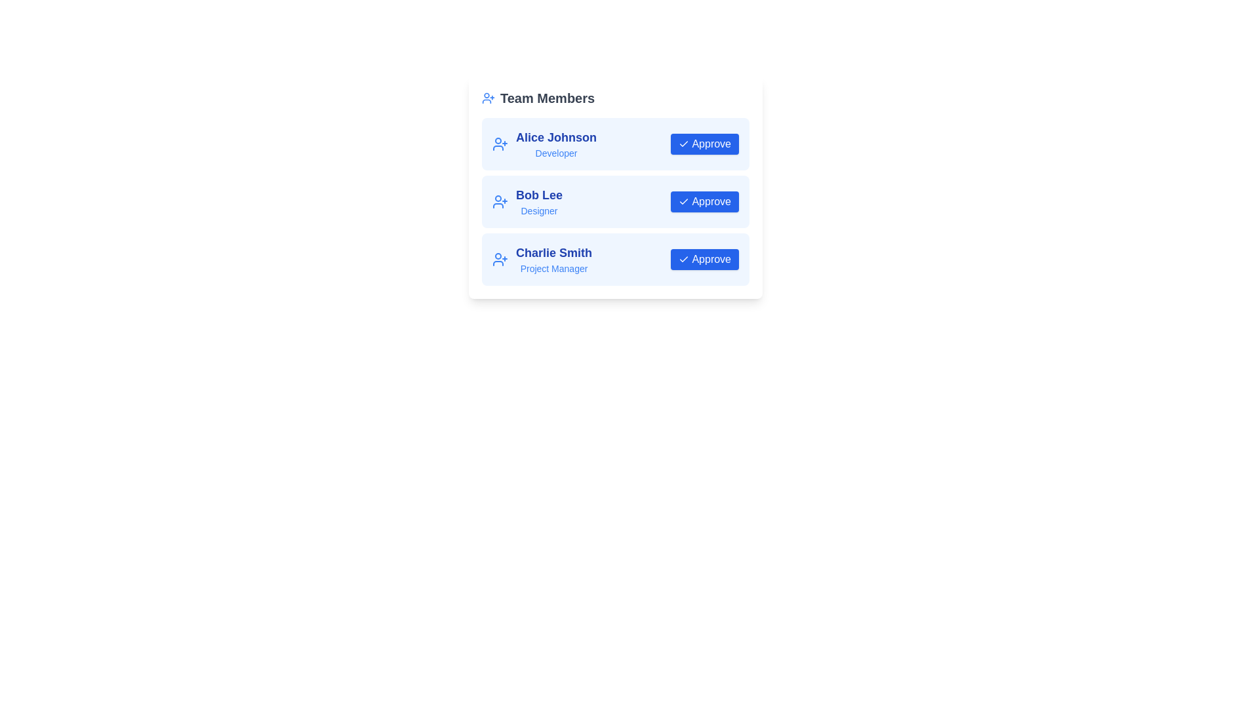 This screenshot has width=1259, height=708. I want to click on the approve button for the person 'Charlie Smith' located in the team members section, which is the third button in a vertical stack under the 'Approve' category, so click(704, 260).